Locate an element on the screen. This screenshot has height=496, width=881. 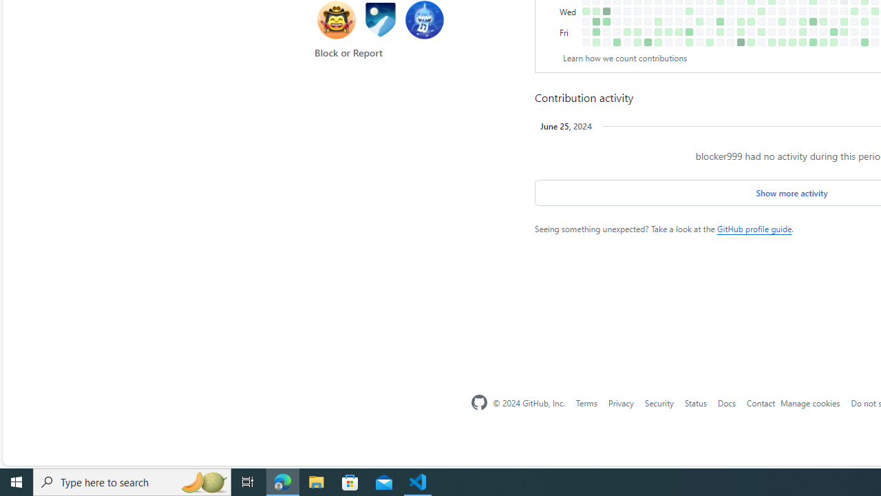
'Learn how we count contributions' is located at coordinates (624, 57).